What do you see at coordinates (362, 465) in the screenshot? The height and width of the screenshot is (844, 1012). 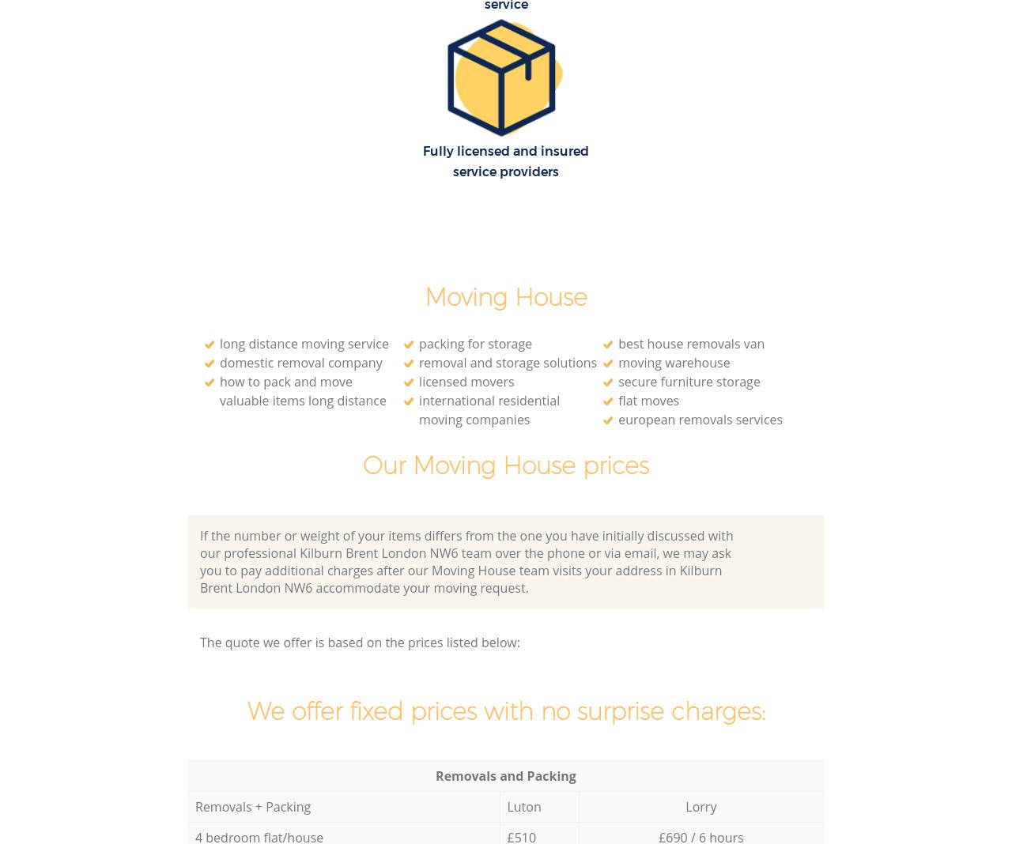 I see `'Our Moving House prices'` at bounding box center [362, 465].